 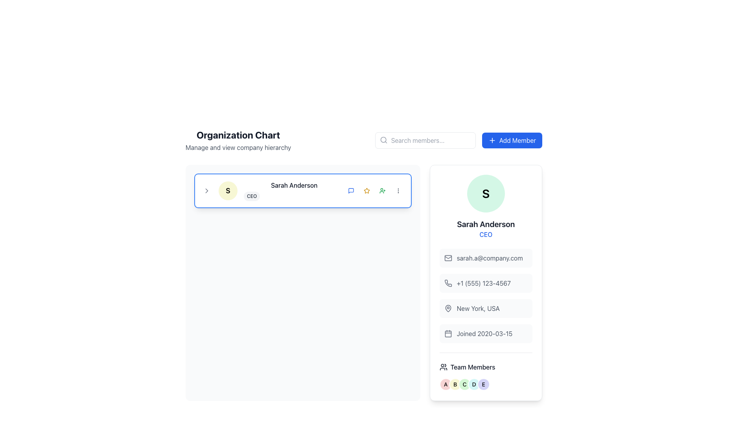 What do you see at coordinates (445, 384) in the screenshot?
I see `the first avatar icon labeled 'A'` at bounding box center [445, 384].